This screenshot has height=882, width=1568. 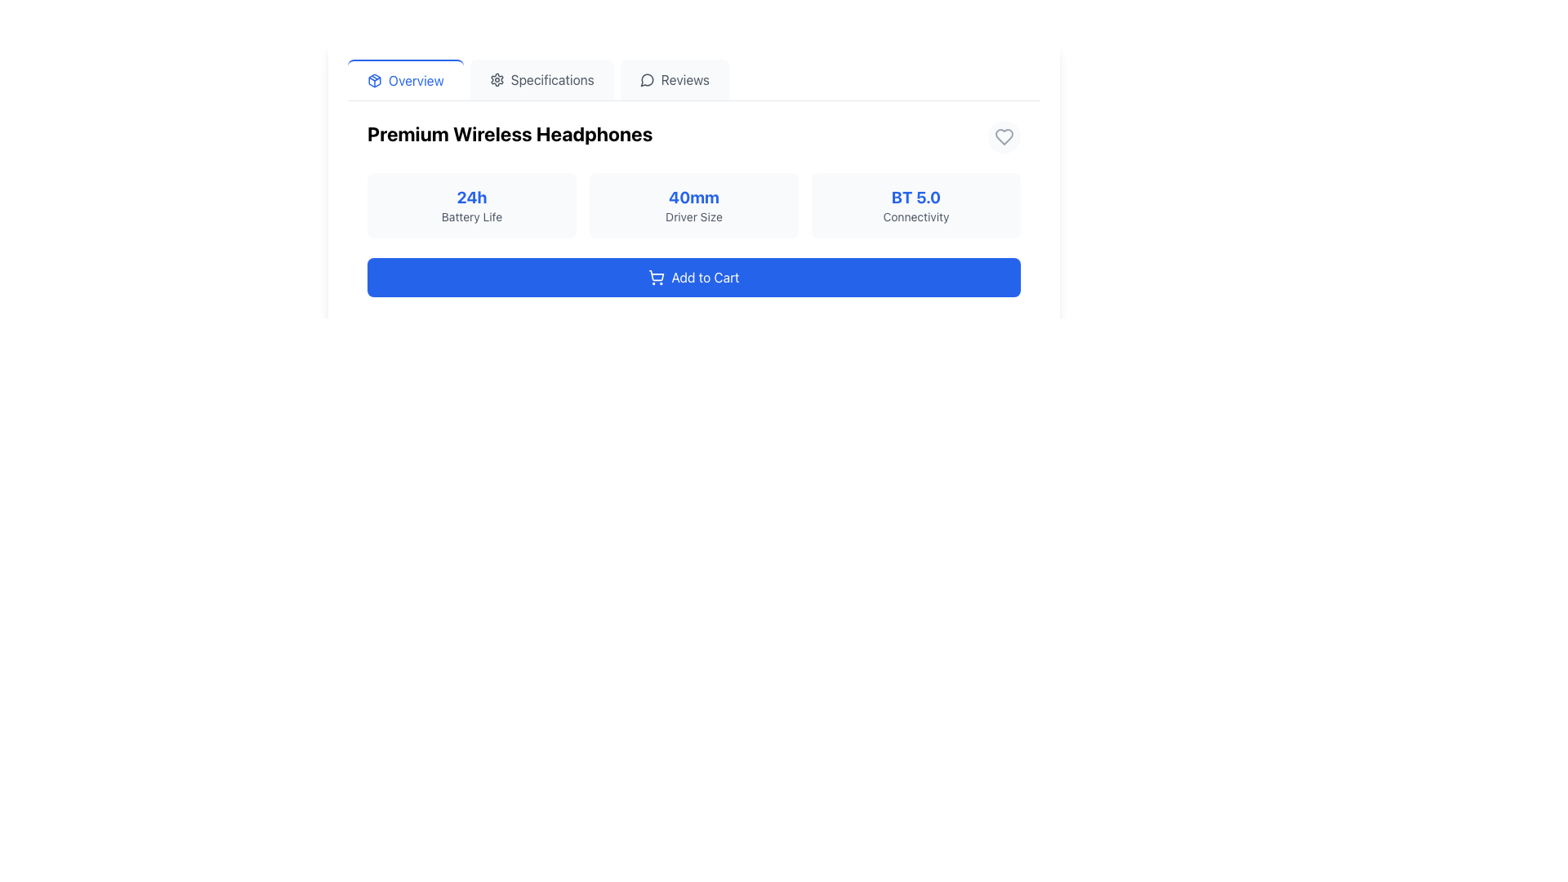 What do you see at coordinates (416, 81) in the screenshot?
I see `text label 'Overview' styled with a blue font color, located in the top-left quadrant of the interface within the tabbed navigation bar` at bounding box center [416, 81].